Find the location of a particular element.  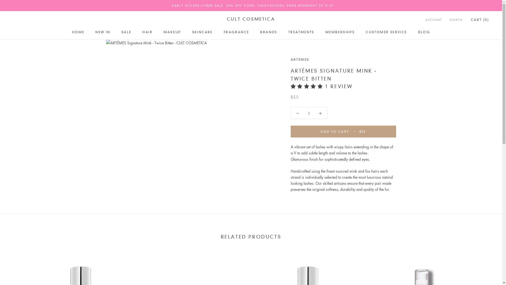

'SKINCARE is located at coordinates (192, 32).